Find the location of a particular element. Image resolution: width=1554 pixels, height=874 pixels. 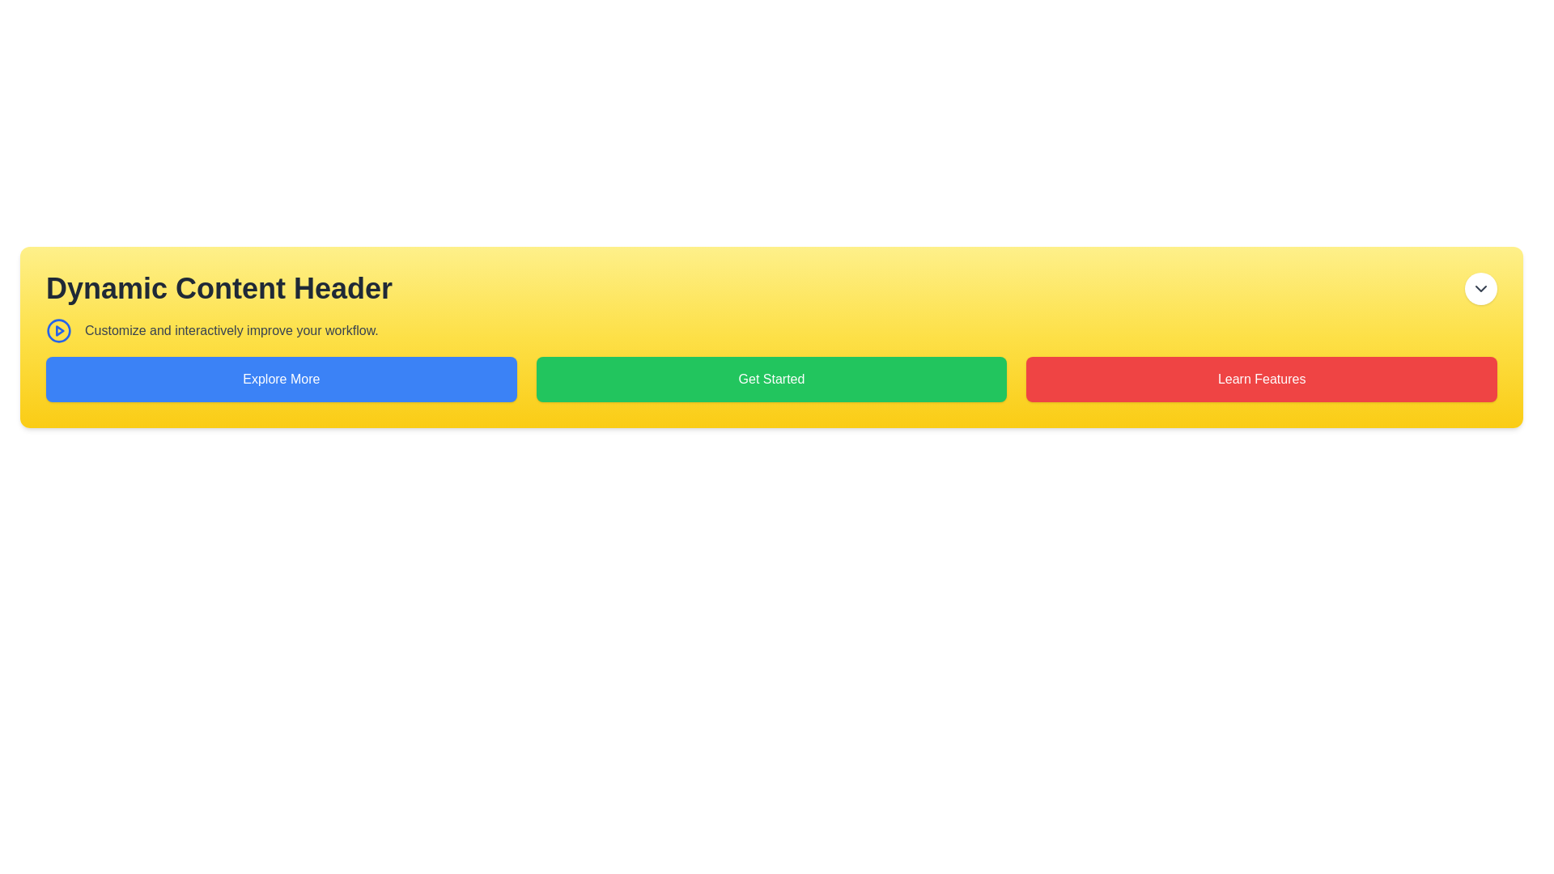

the circular button with a white background and dark chevron-down icon in the top-right corner of the 'Dynamic Content Header' is located at coordinates (1480, 288).